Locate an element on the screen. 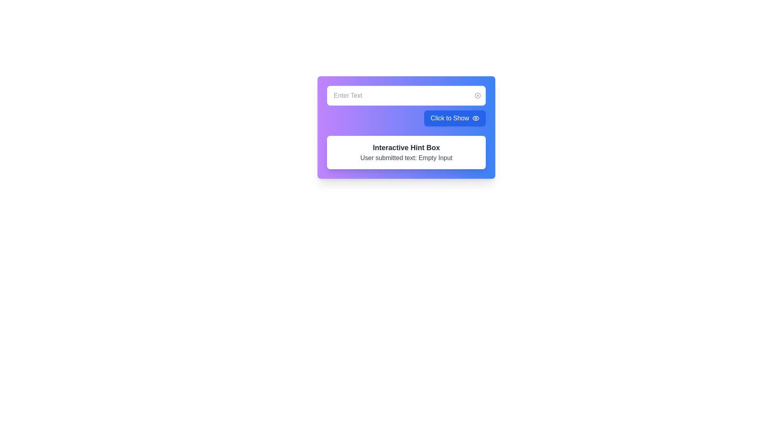  the Informational hint box that has a white background and contains the text 'Interactive Hint Box' and 'User submitted text: Empty Input' is located at coordinates (406, 153).